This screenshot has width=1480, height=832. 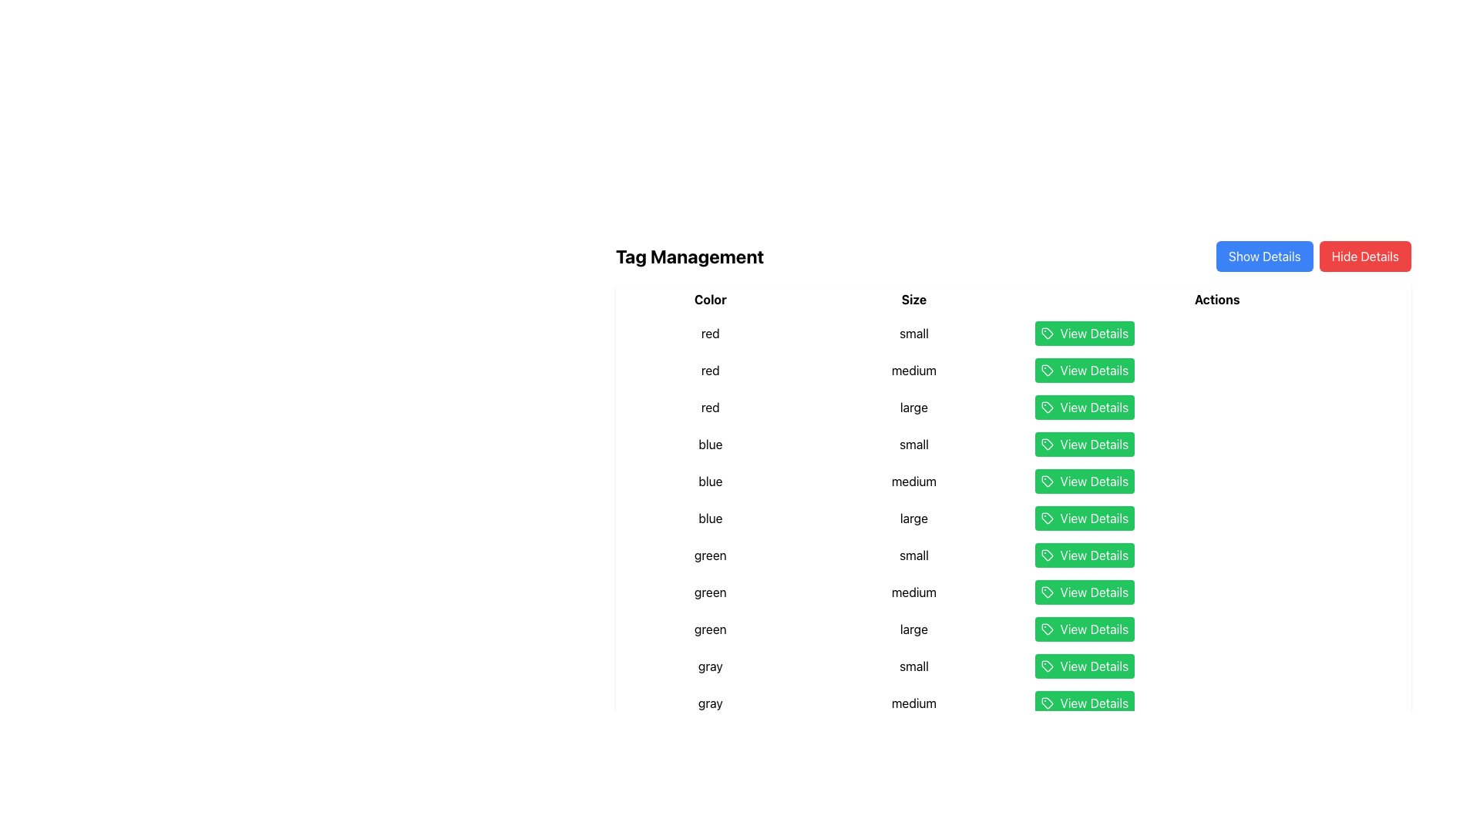 I want to click on the action button in the eleventh row of the data table under the 'Actions' section for the 'medium' size in the 'gray' color category, so click(x=1014, y=703).